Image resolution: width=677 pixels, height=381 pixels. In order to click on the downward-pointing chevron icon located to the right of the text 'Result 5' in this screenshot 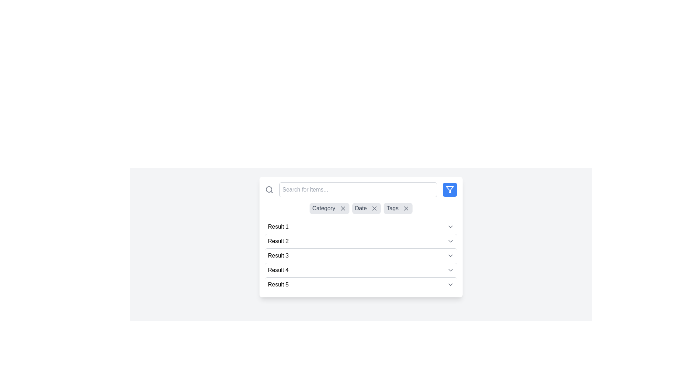, I will do `click(450, 284)`.